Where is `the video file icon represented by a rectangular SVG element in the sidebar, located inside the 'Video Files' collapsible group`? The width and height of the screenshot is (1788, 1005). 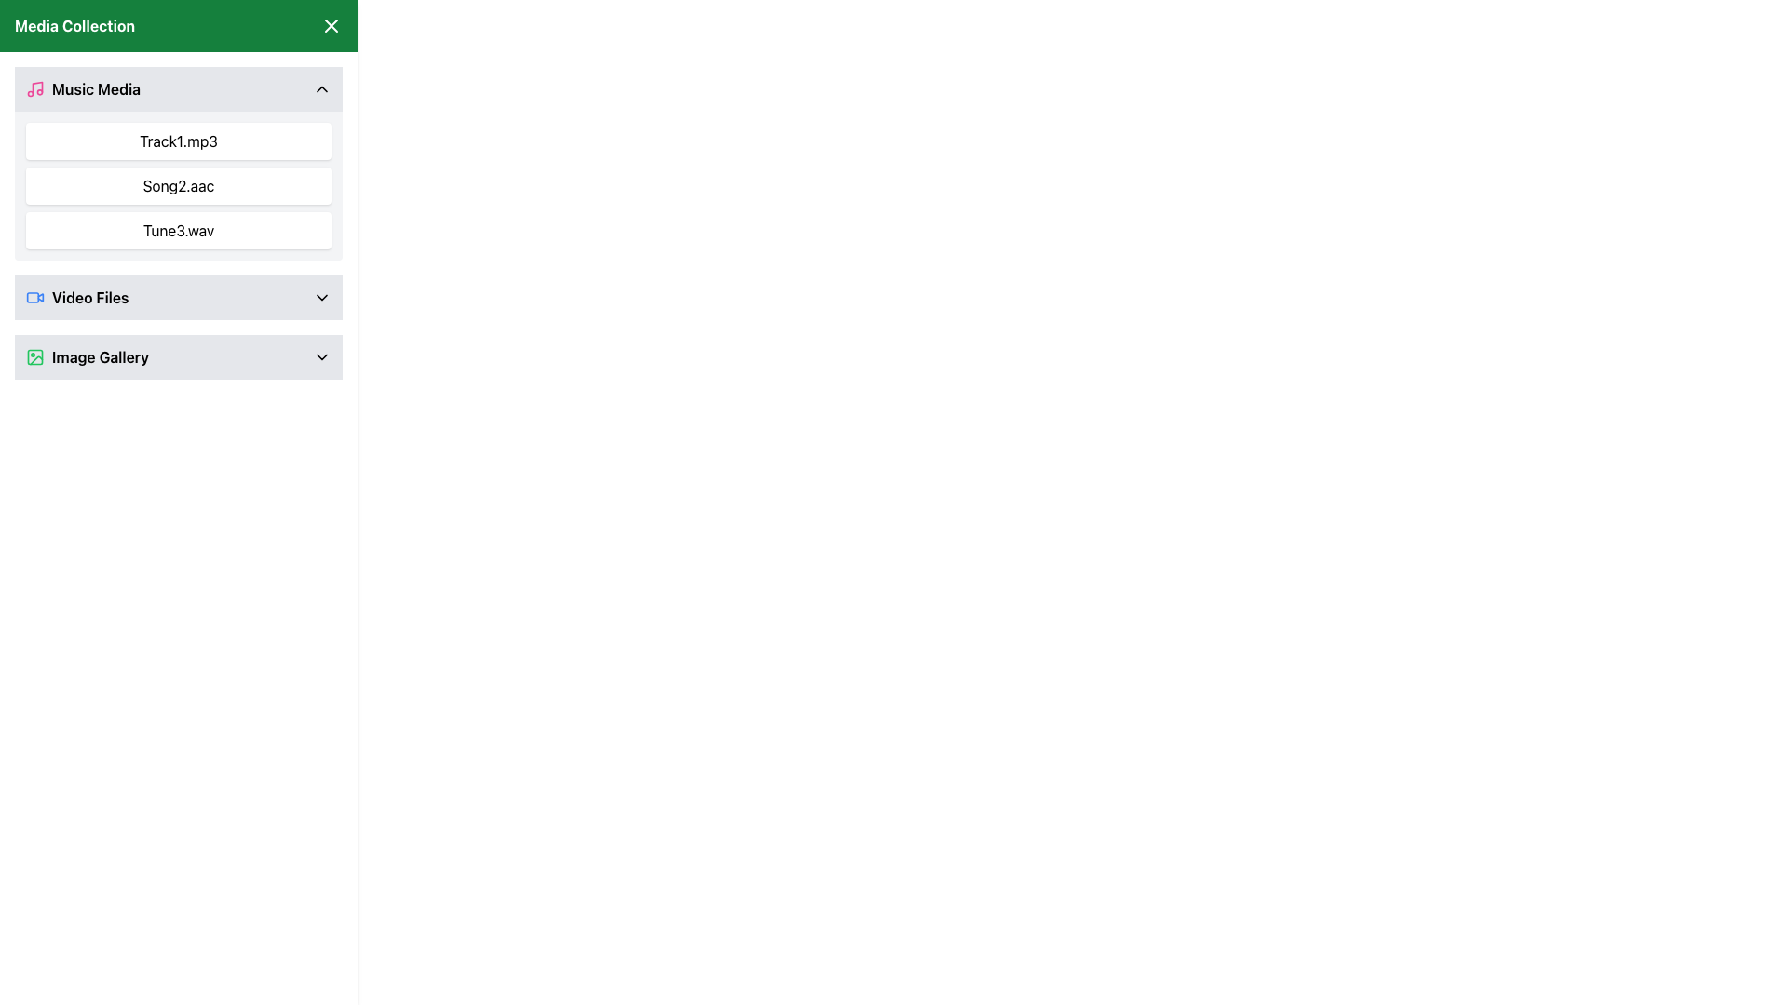
the video file icon represented by a rectangular SVG element in the sidebar, located inside the 'Video Files' collapsible group is located at coordinates (33, 297).